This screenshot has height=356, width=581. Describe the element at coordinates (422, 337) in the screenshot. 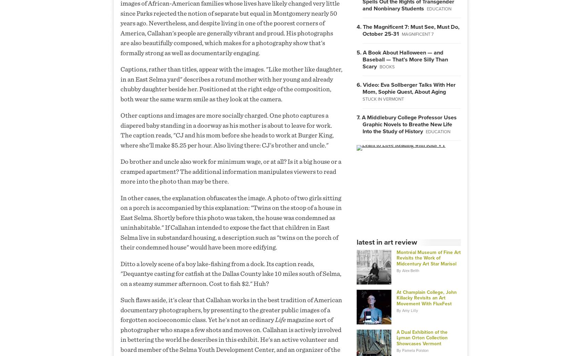

I see `'A Dual Exhibition of the Lyman Orton Collection Showcases Vermont'` at that location.